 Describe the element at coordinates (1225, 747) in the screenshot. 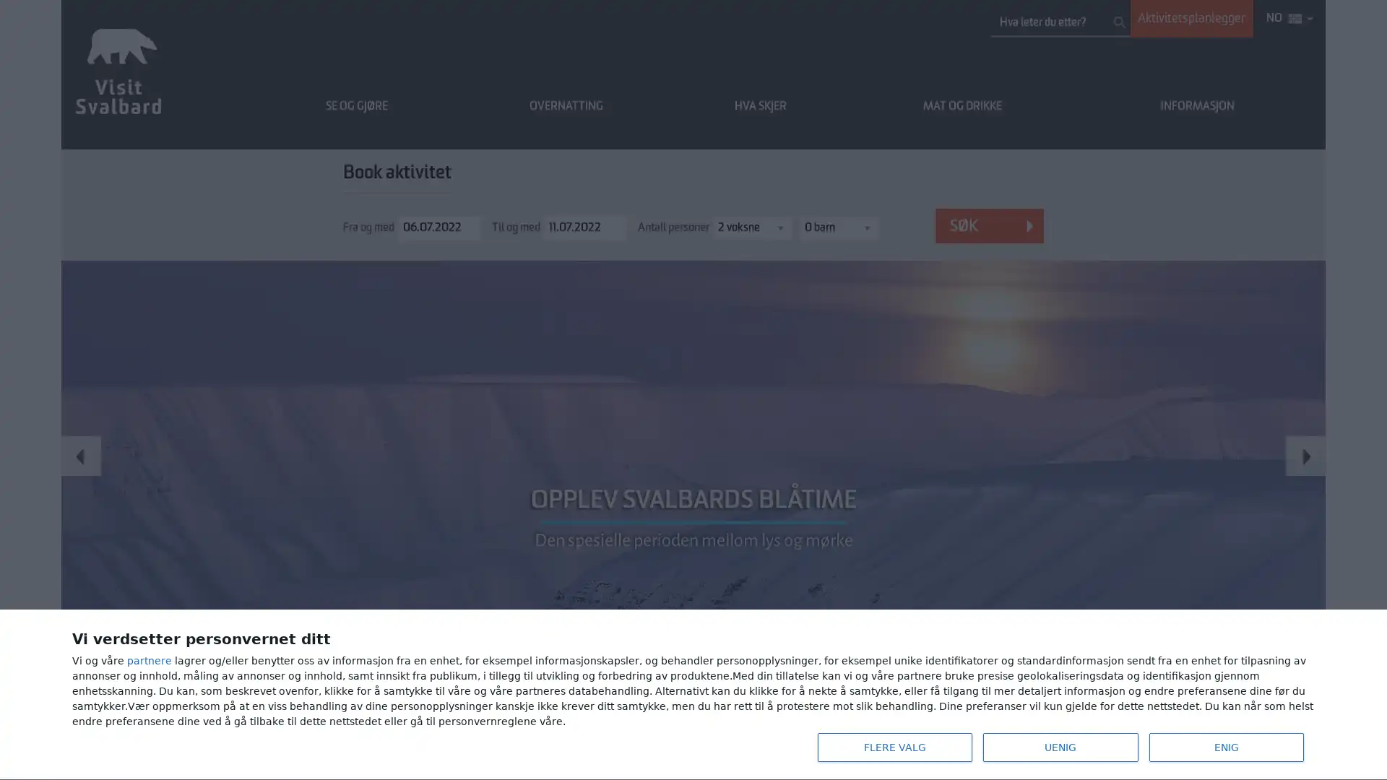

I see `ENIG` at that location.